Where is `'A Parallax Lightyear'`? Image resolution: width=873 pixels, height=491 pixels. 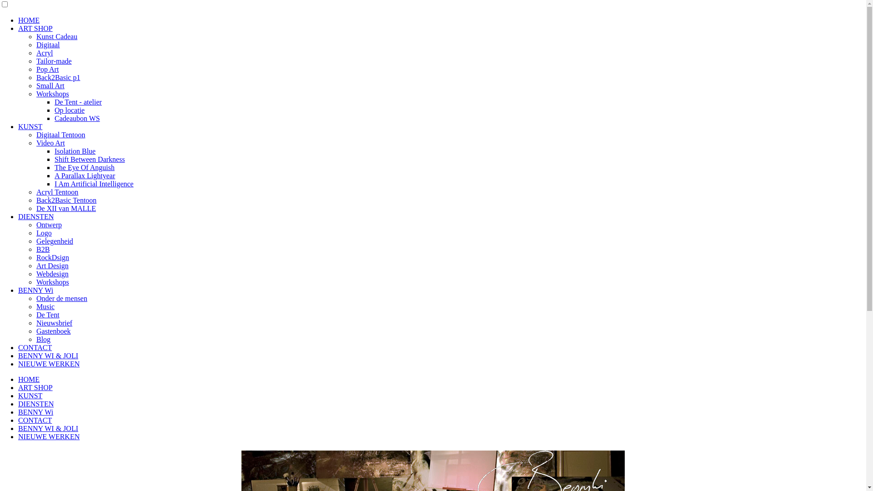
'A Parallax Lightyear' is located at coordinates (85, 175).